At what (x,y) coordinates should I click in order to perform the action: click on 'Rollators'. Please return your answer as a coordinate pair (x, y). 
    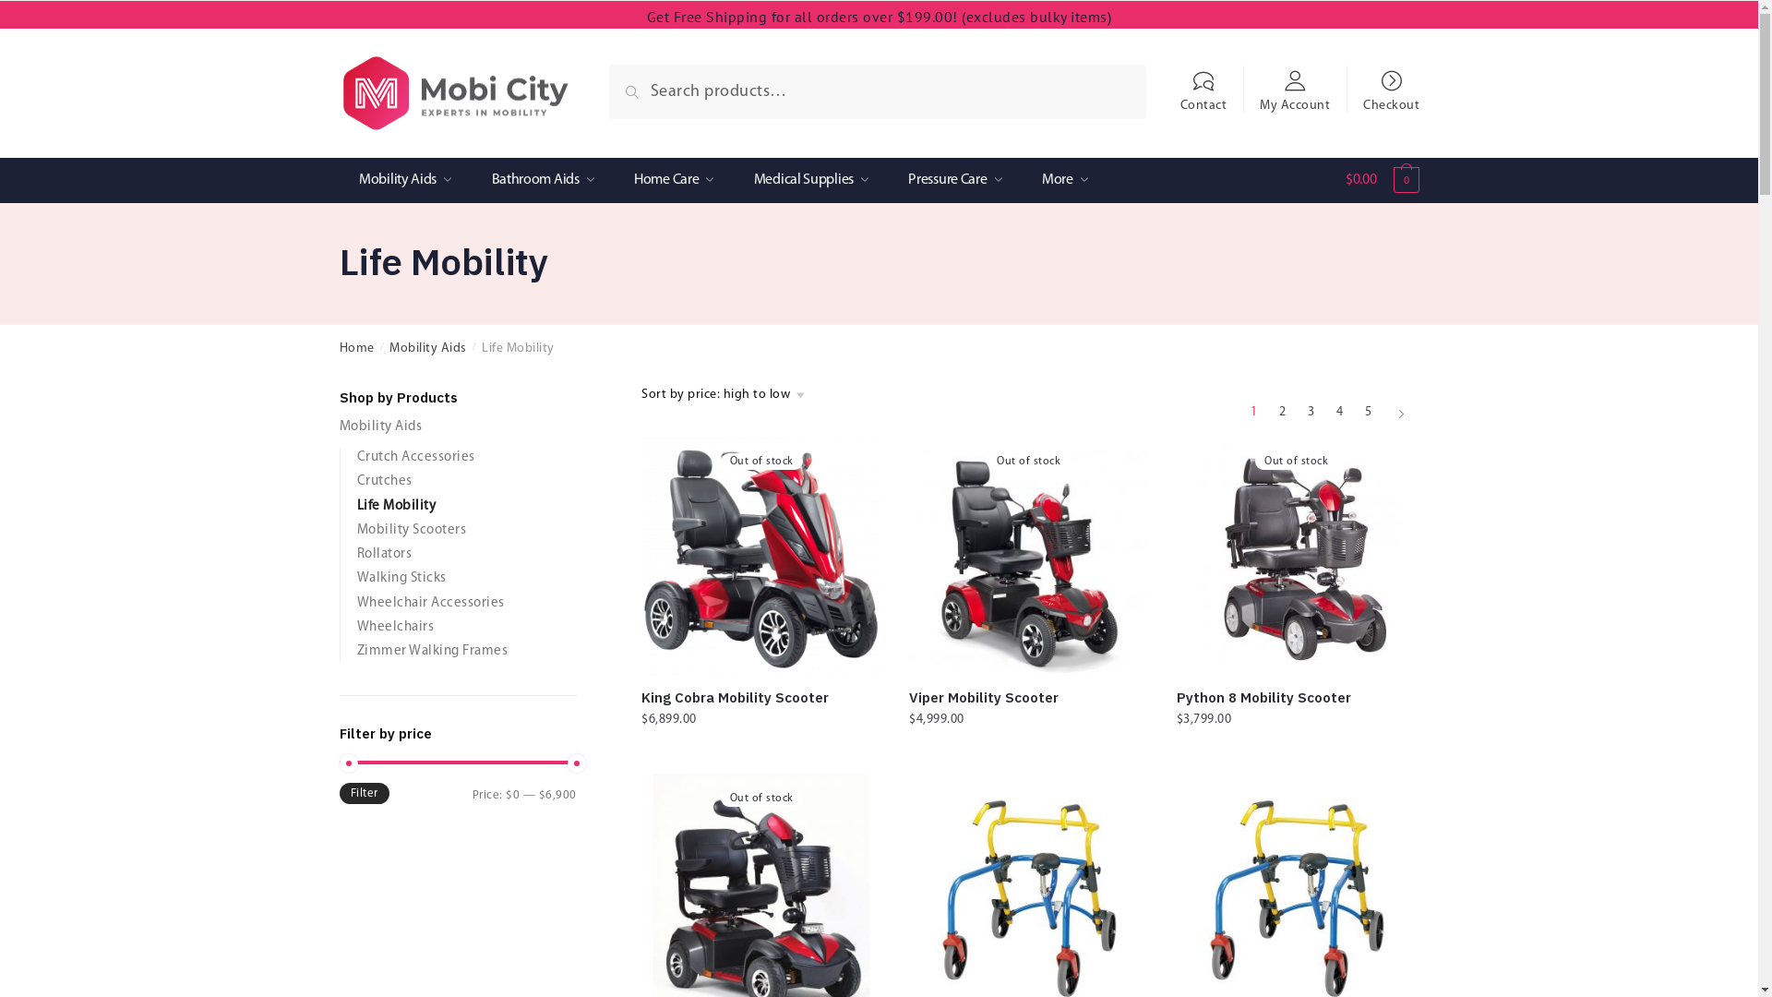
    Looking at the image, I should click on (383, 553).